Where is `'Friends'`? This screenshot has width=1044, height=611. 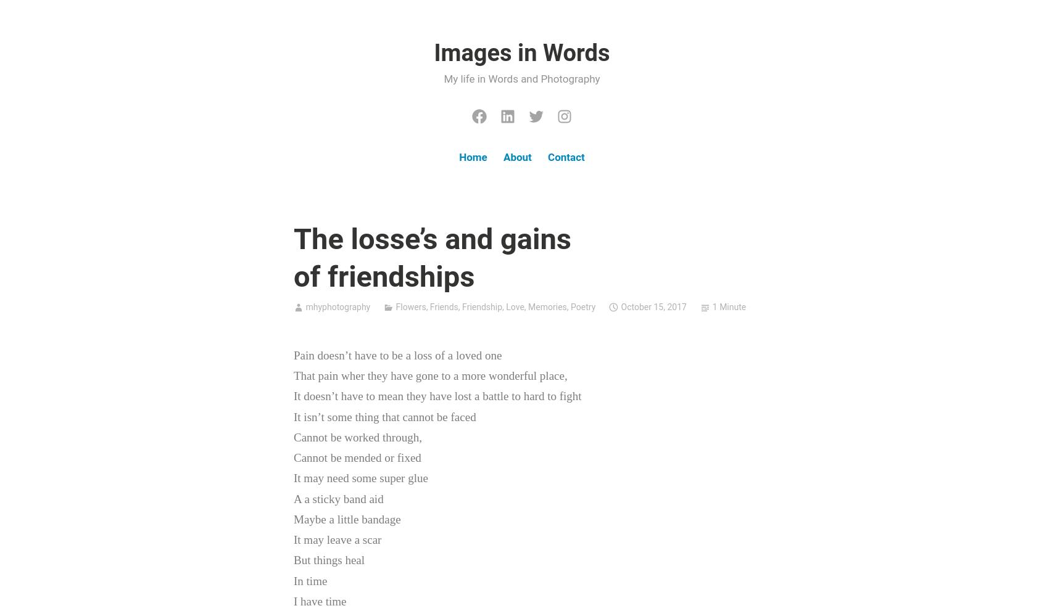
'Friends' is located at coordinates (442, 306).